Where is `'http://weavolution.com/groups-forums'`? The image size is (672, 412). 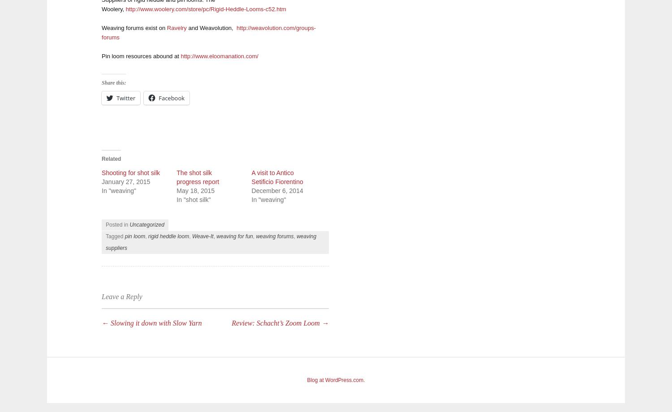 'http://weavolution.com/groups-forums' is located at coordinates (208, 32).